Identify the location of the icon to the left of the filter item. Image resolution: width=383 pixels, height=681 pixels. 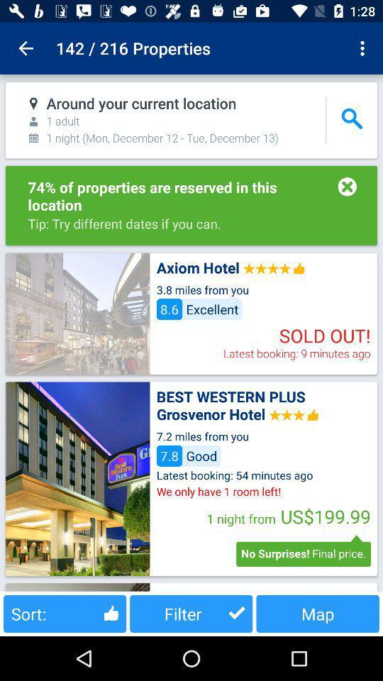
(64, 613).